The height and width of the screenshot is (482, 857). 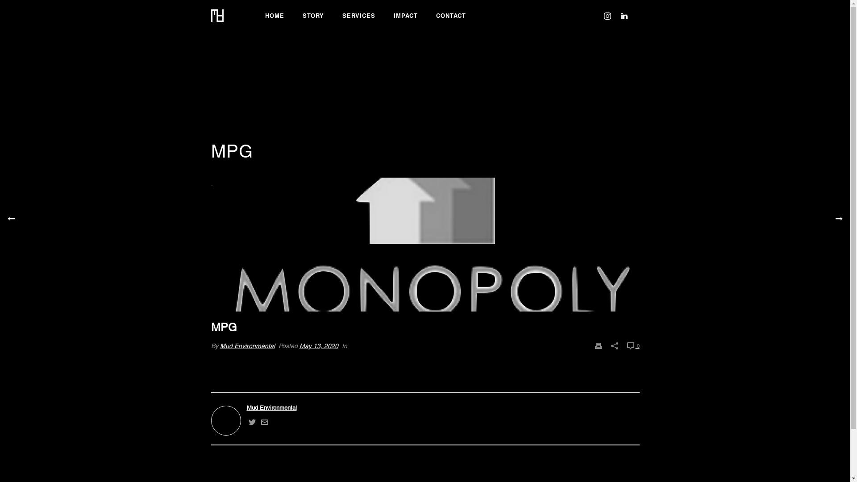 What do you see at coordinates (405, 15) in the screenshot?
I see `'IMPACT'` at bounding box center [405, 15].